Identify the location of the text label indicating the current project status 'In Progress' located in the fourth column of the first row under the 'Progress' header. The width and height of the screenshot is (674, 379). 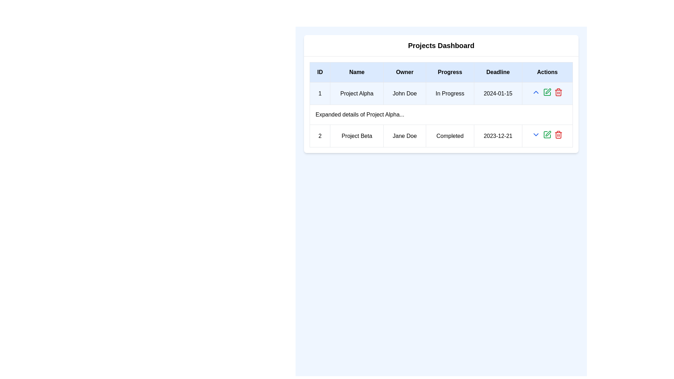
(450, 93).